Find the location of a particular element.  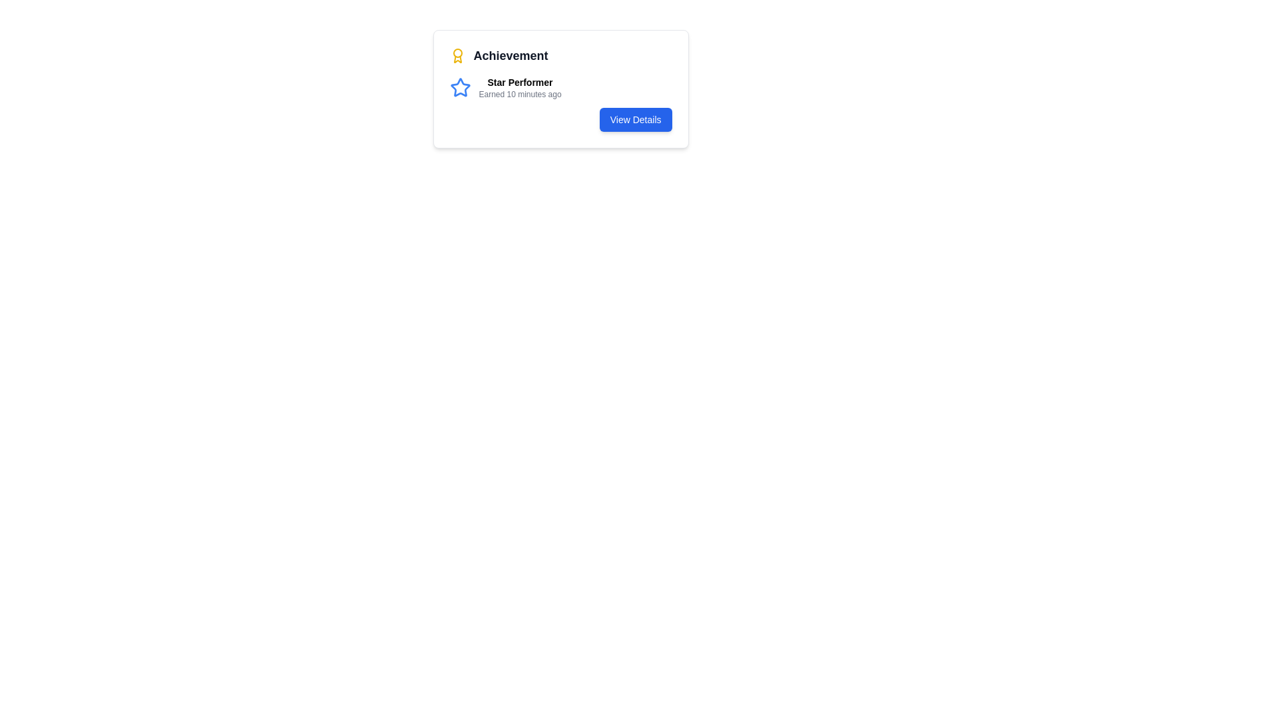

the Star icon in the notification card is located at coordinates (460, 87).